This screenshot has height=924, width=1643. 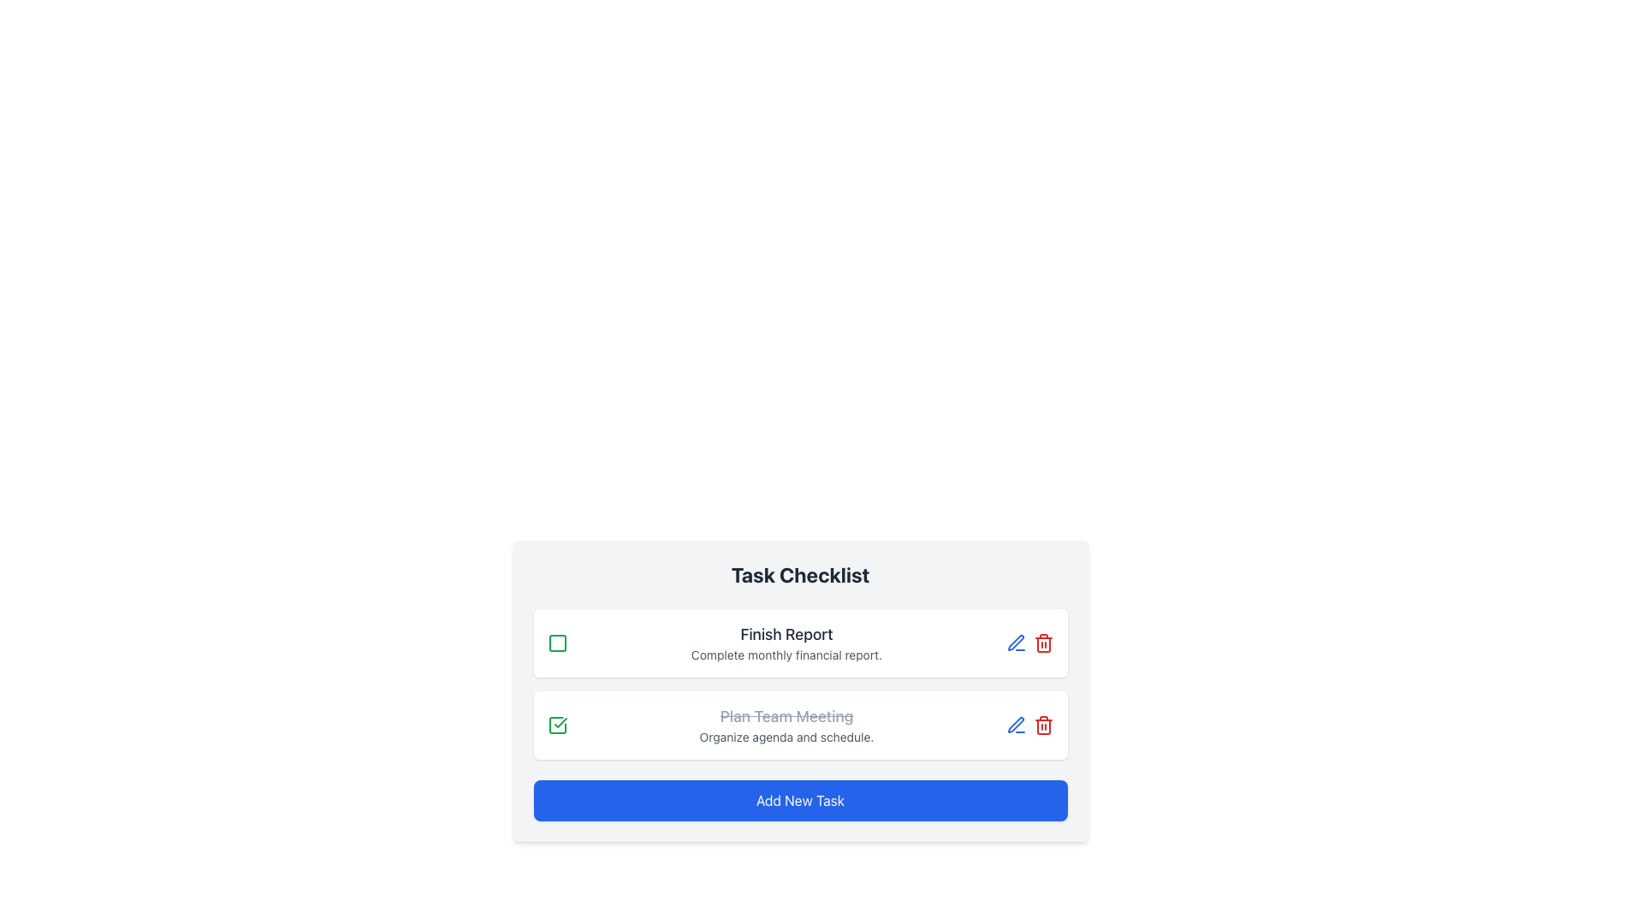 What do you see at coordinates (1042, 643) in the screenshot?
I see `the red trash icon button, which is the second actionable item to the right of the second task block` at bounding box center [1042, 643].